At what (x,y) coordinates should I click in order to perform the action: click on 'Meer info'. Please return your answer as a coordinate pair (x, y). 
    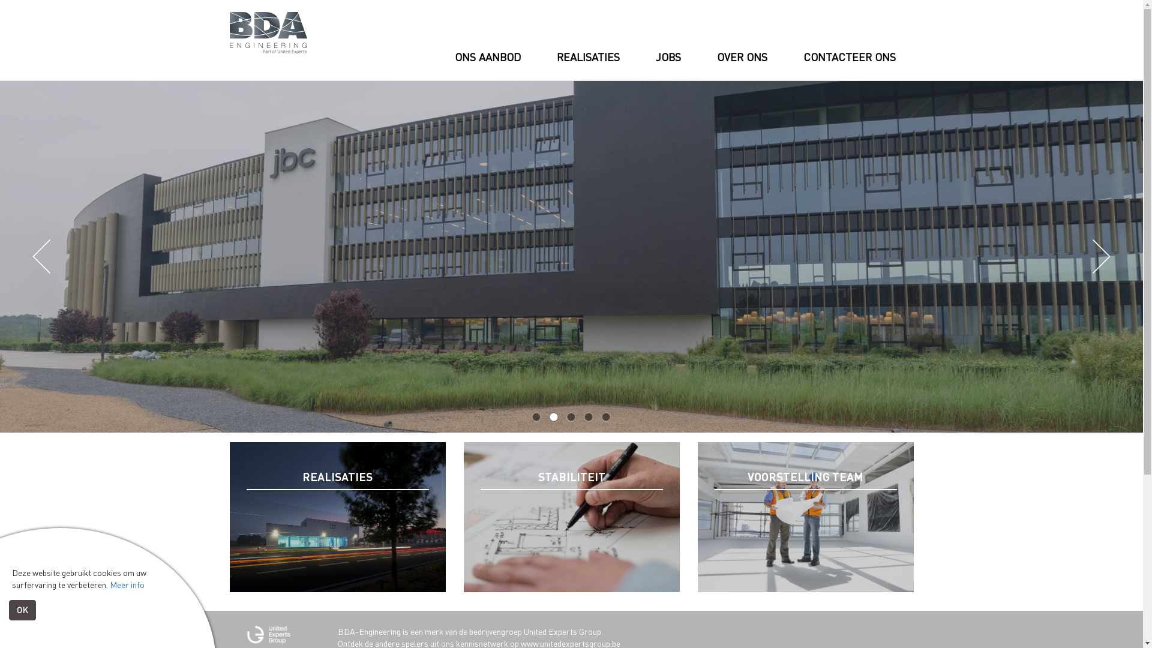
    Looking at the image, I should click on (127, 584).